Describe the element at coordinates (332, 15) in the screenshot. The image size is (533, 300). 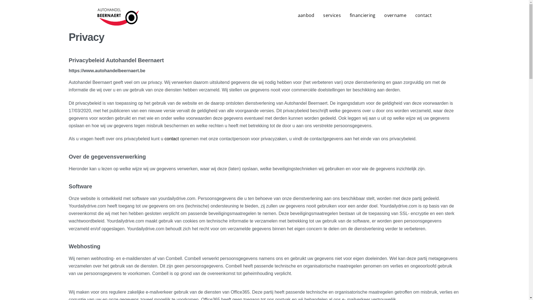
I see `'services'` at that location.